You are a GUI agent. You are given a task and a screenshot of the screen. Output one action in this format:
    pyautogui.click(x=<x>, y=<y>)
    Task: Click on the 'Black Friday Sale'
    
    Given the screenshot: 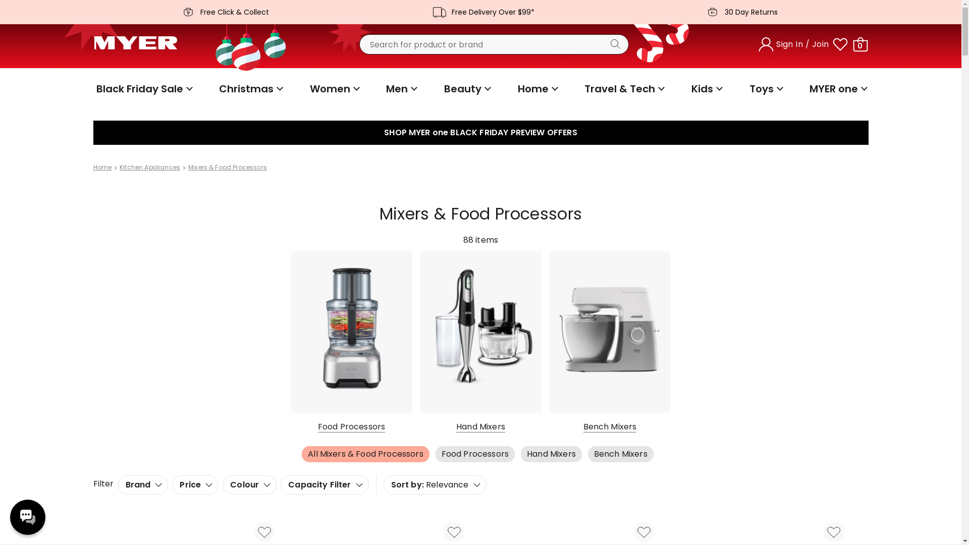 What is the action you would take?
    pyautogui.click(x=142, y=88)
    